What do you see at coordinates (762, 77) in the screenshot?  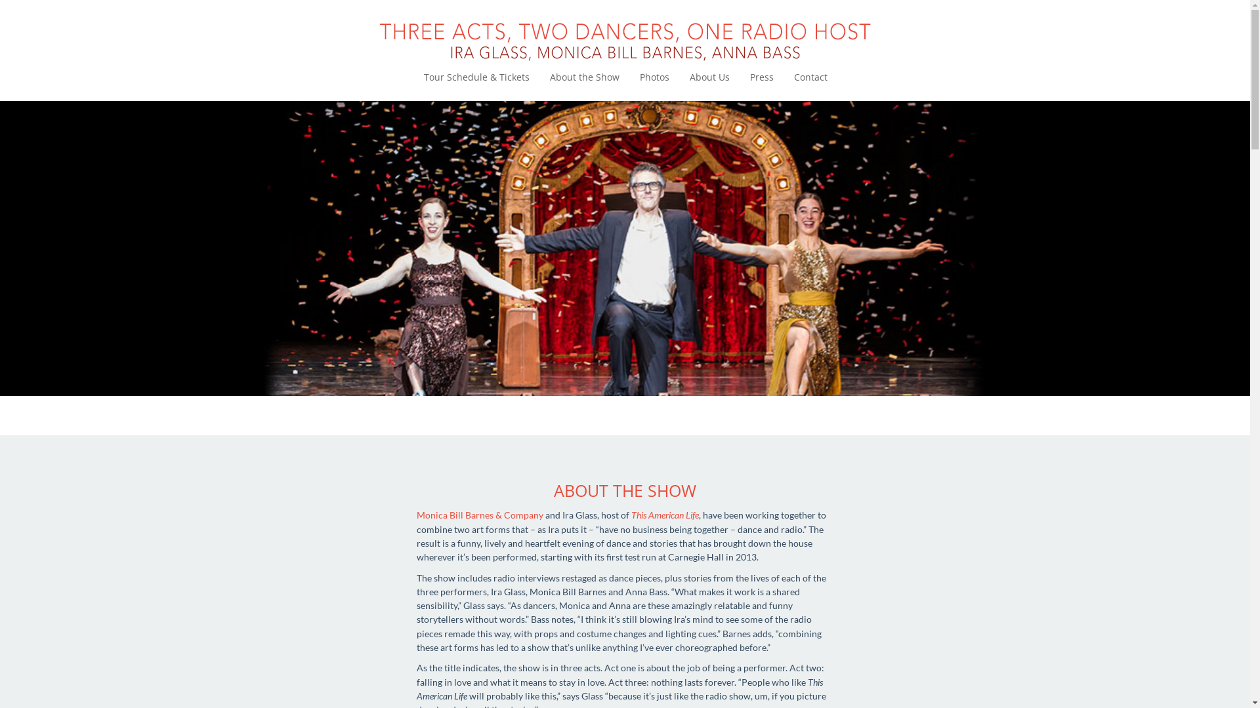 I see `'Press'` at bounding box center [762, 77].